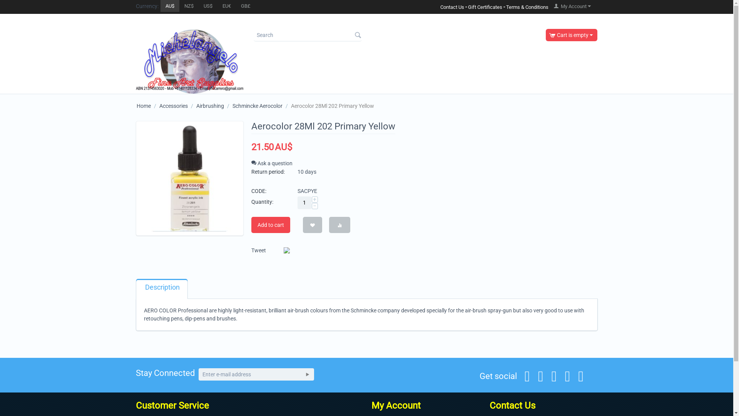  What do you see at coordinates (270, 225) in the screenshot?
I see `'Add to cart'` at bounding box center [270, 225].